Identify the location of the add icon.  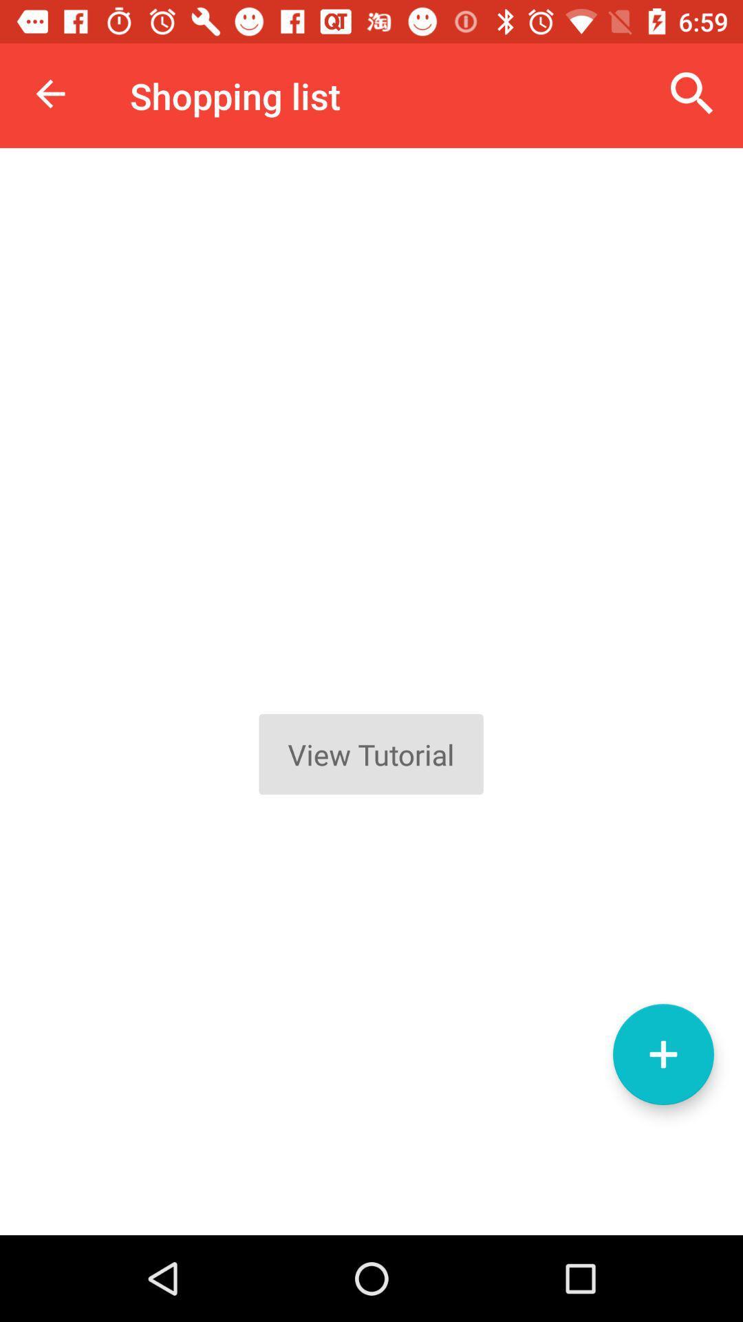
(663, 1053).